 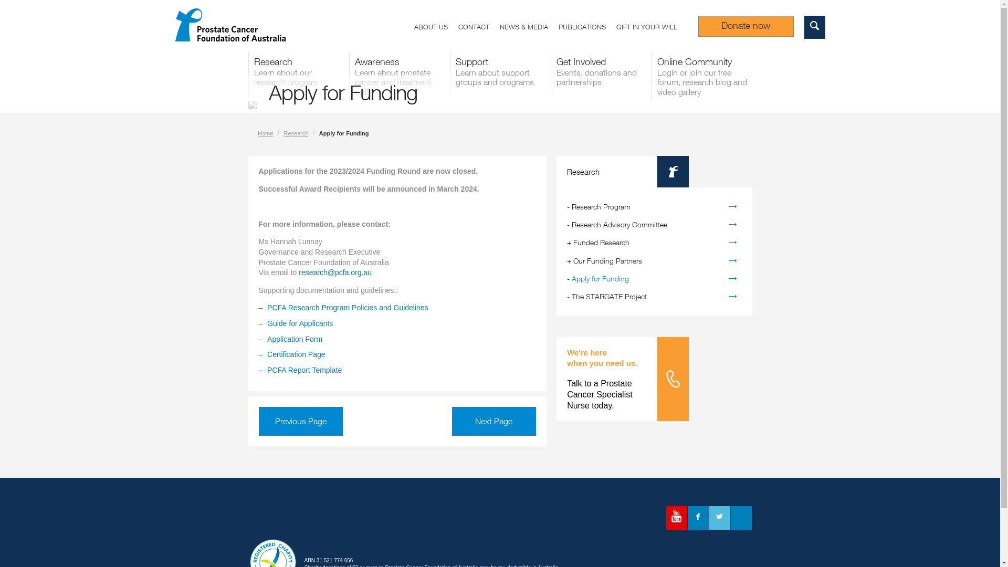 What do you see at coordinates (348, 307) in the screenshot?
I see `'PCFA Research Program Policies and Guidelines'` at bounding box center [348, 307].